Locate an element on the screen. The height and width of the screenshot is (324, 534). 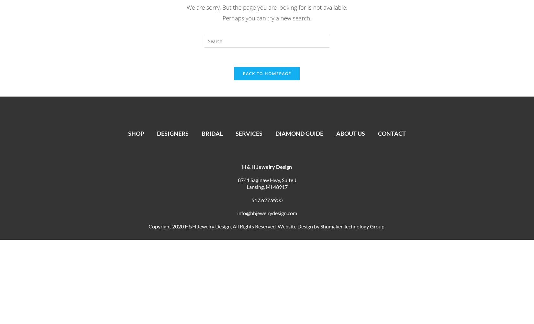
'info@hhjewelrydesign.com' is located at coordinates (266, 213).